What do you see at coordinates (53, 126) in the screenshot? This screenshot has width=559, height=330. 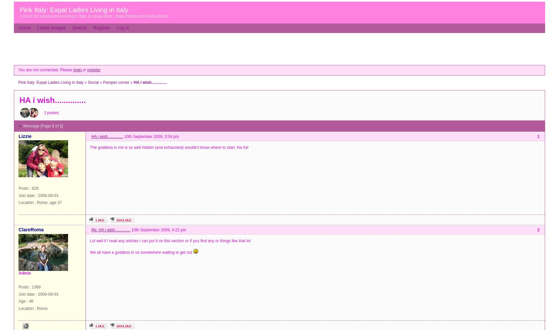 I see `'of'` at bounding box center [53, 126].